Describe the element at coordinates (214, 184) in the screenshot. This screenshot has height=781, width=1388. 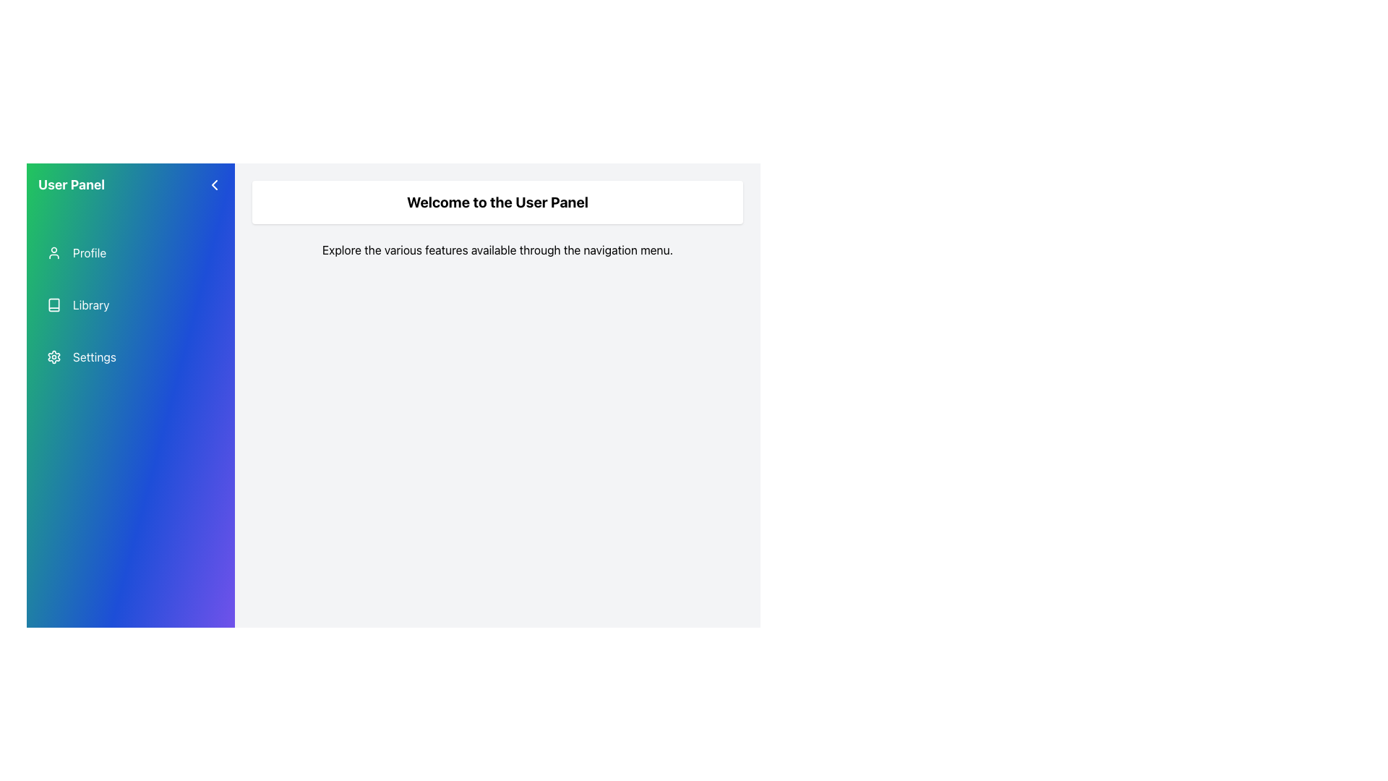
I see `the left-pointing chevron icon located in the top-left corner of the sidebar` at that location.